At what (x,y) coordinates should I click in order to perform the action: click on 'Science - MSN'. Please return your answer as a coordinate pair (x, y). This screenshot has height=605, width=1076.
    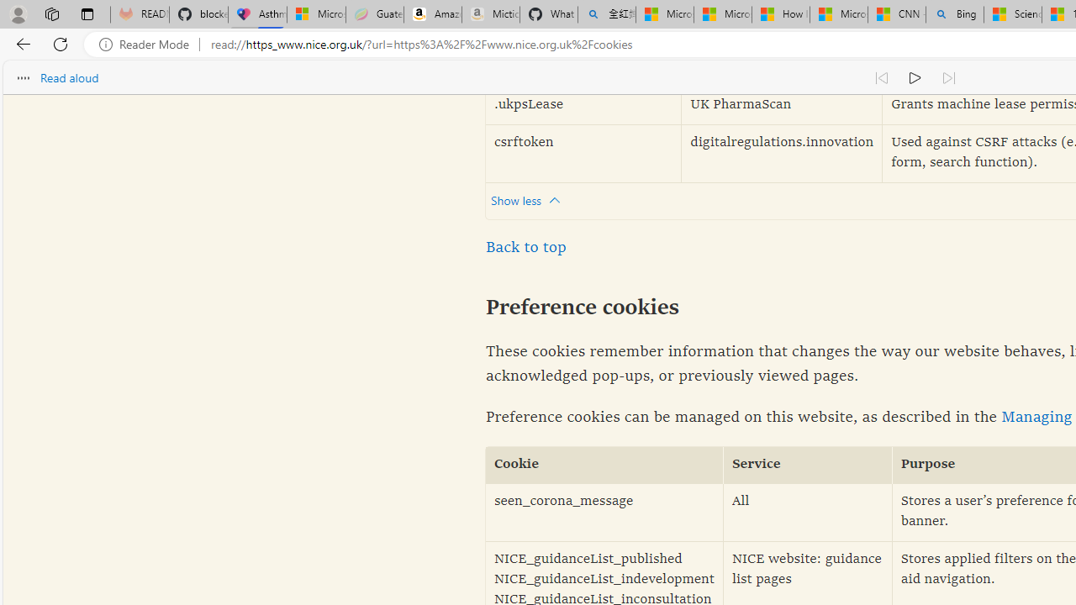
    Looking at the image, I should click on (1012, 14).